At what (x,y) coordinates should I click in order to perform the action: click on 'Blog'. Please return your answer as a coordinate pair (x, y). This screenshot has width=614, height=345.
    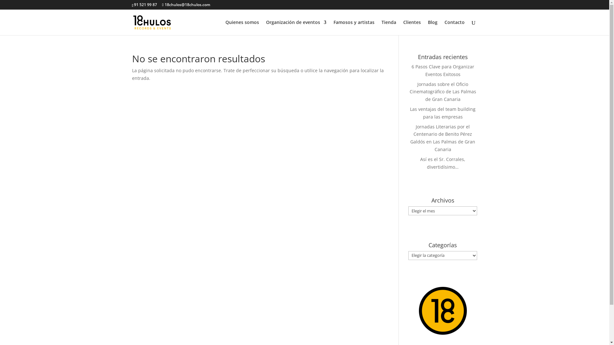
    Looking at the image, I should click on (428, 27).